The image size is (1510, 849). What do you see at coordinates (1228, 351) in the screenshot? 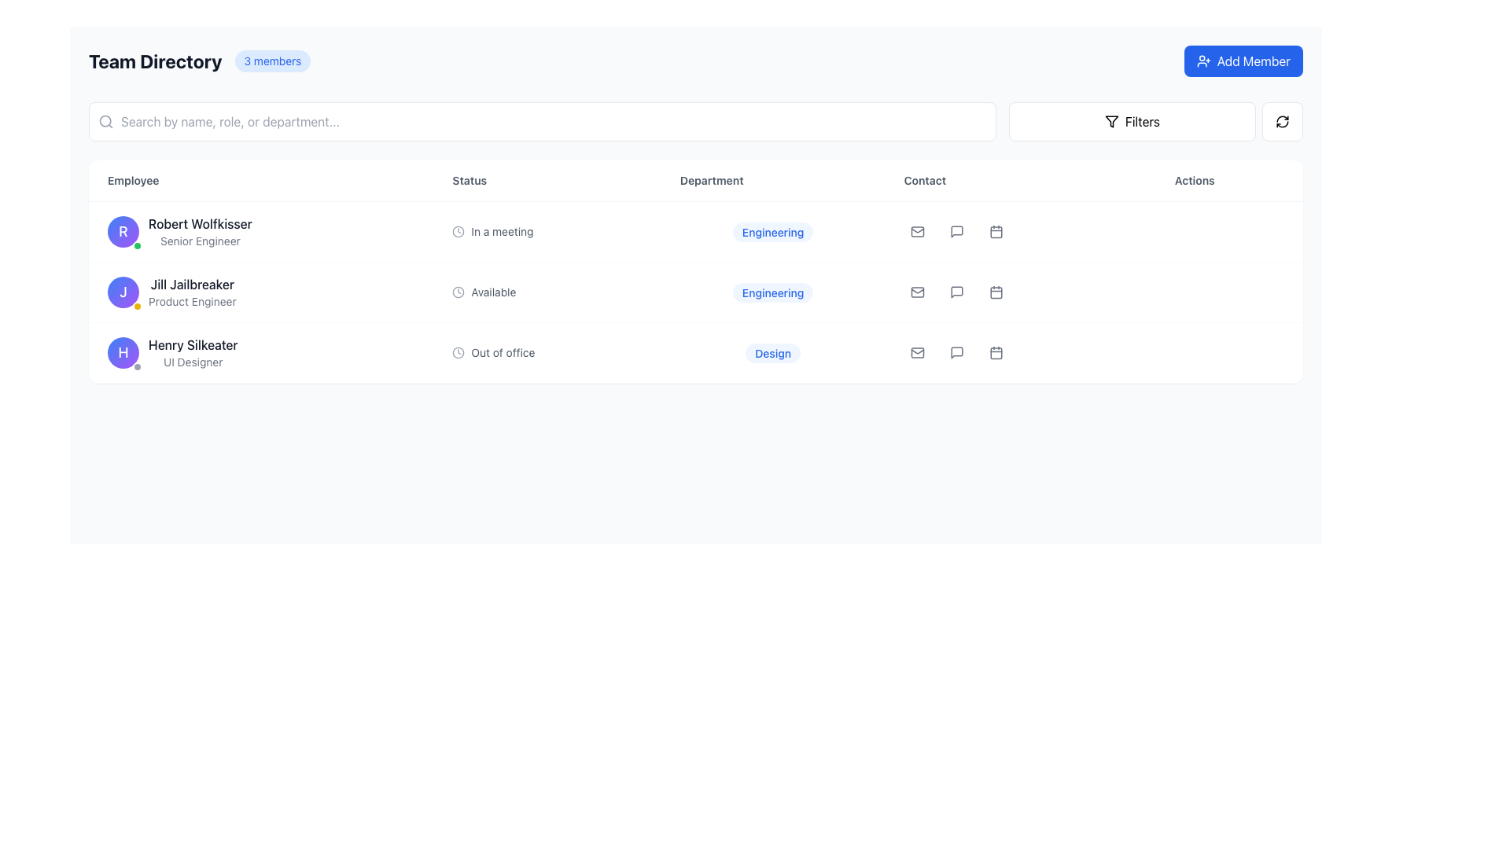
I see `the menu button represented by three horizontally aligned dots in the 'Actions' column of the last row in the 'Team Directory' table for 'Henry Silkeater'` at bounding box center [1228, 351].